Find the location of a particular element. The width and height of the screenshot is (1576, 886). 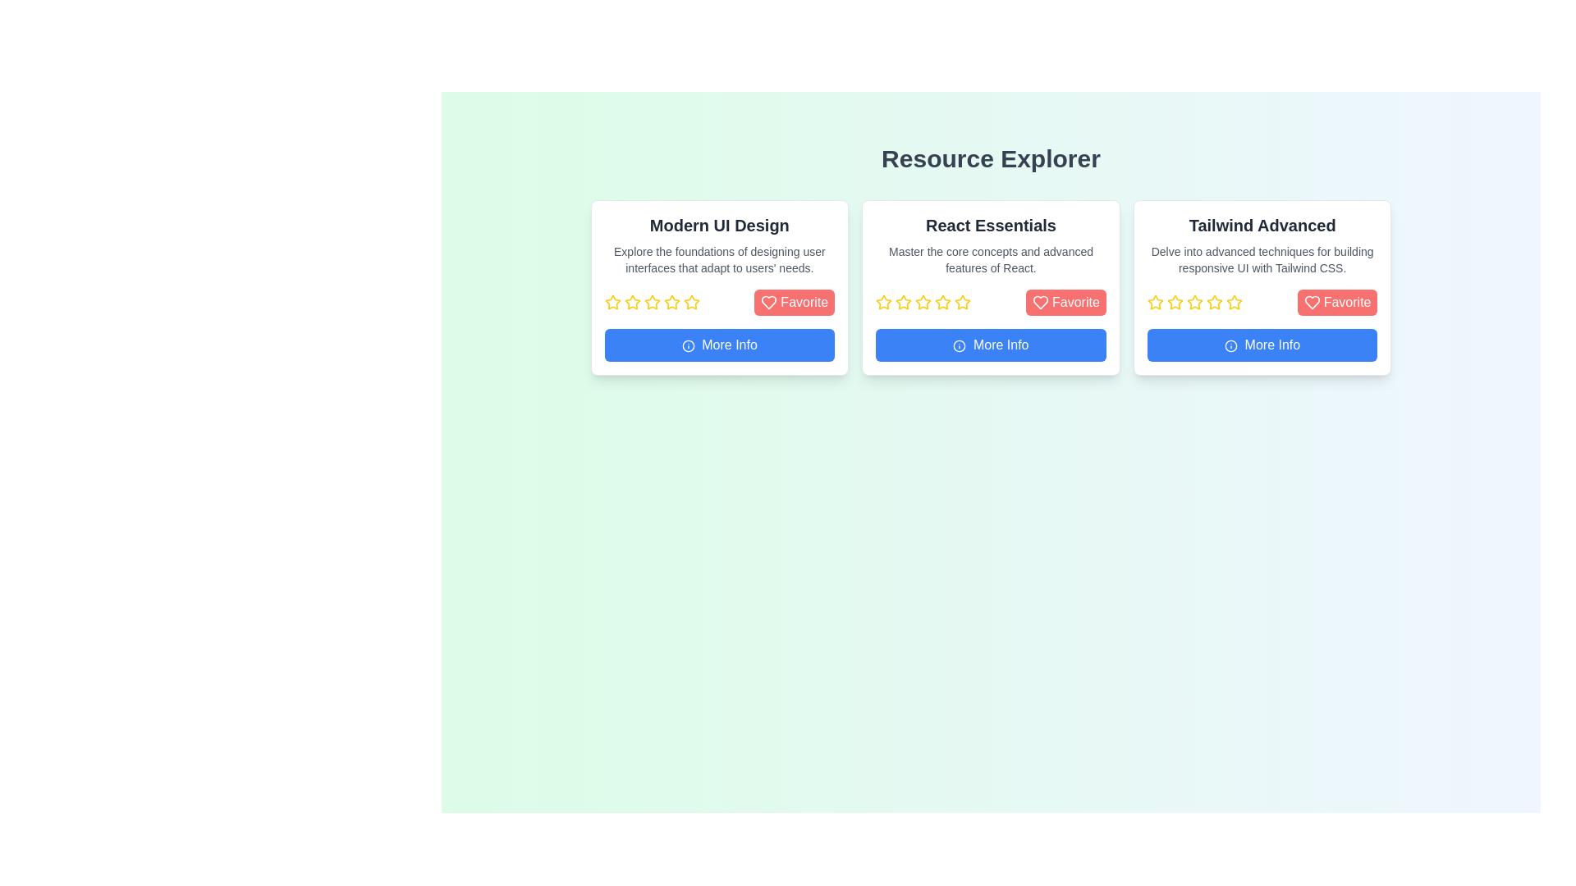

the heart-shaped icon inside the 'Favorite' button located in the 'React Essentials' card, which is the second card from the left is located at coordinates (1039, 303).